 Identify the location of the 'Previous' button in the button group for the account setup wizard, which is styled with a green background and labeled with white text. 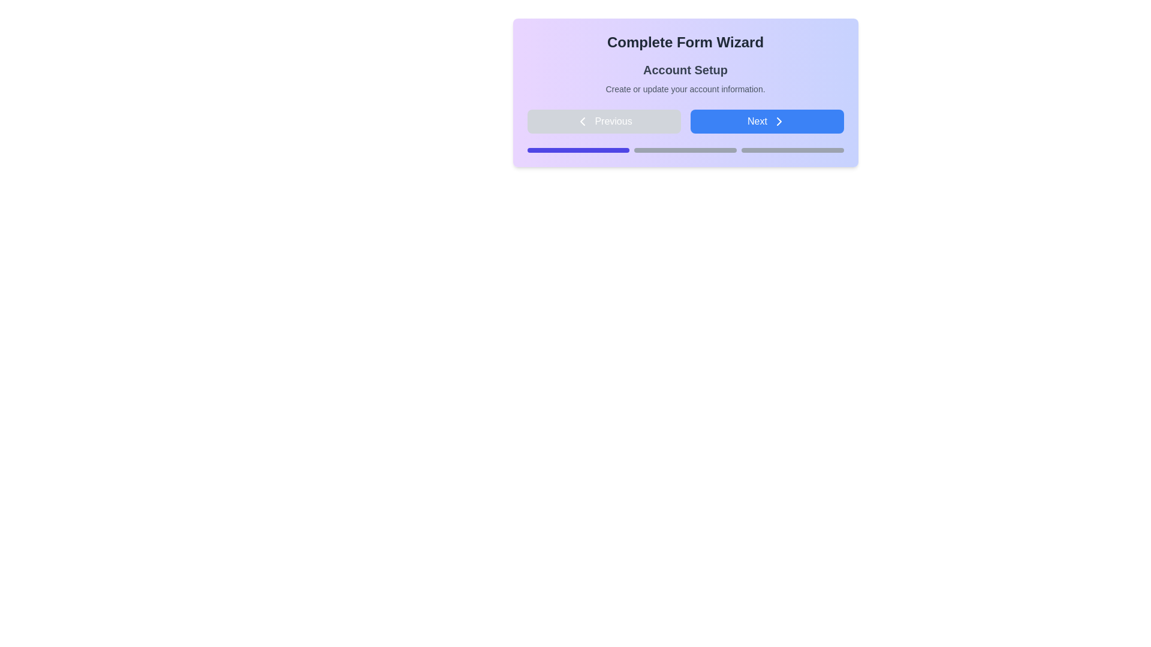
(685, 122).